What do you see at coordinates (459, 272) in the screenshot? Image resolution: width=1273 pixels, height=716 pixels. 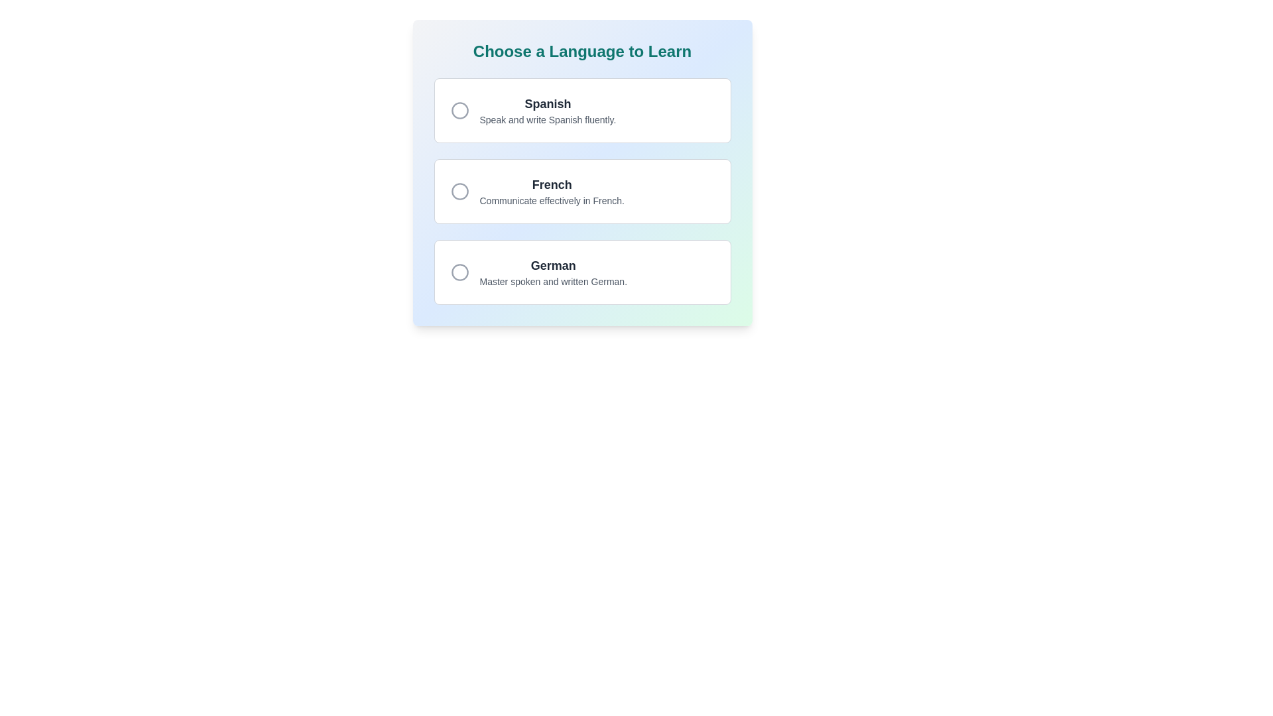 I see `the circular radio button located to the left of the 'German' language option in the selection list` at bounding box center [459, 272].